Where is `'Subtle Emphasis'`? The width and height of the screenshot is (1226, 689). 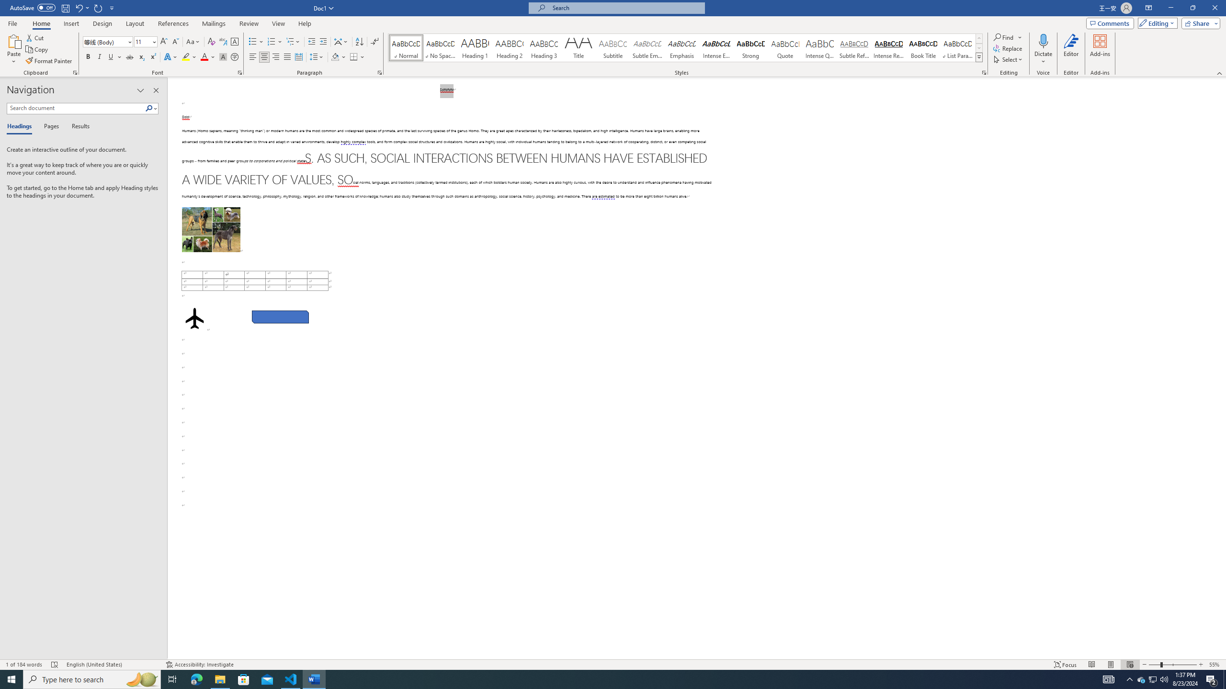
'Subtle Emphasis' is located at coordinates (647, 47).